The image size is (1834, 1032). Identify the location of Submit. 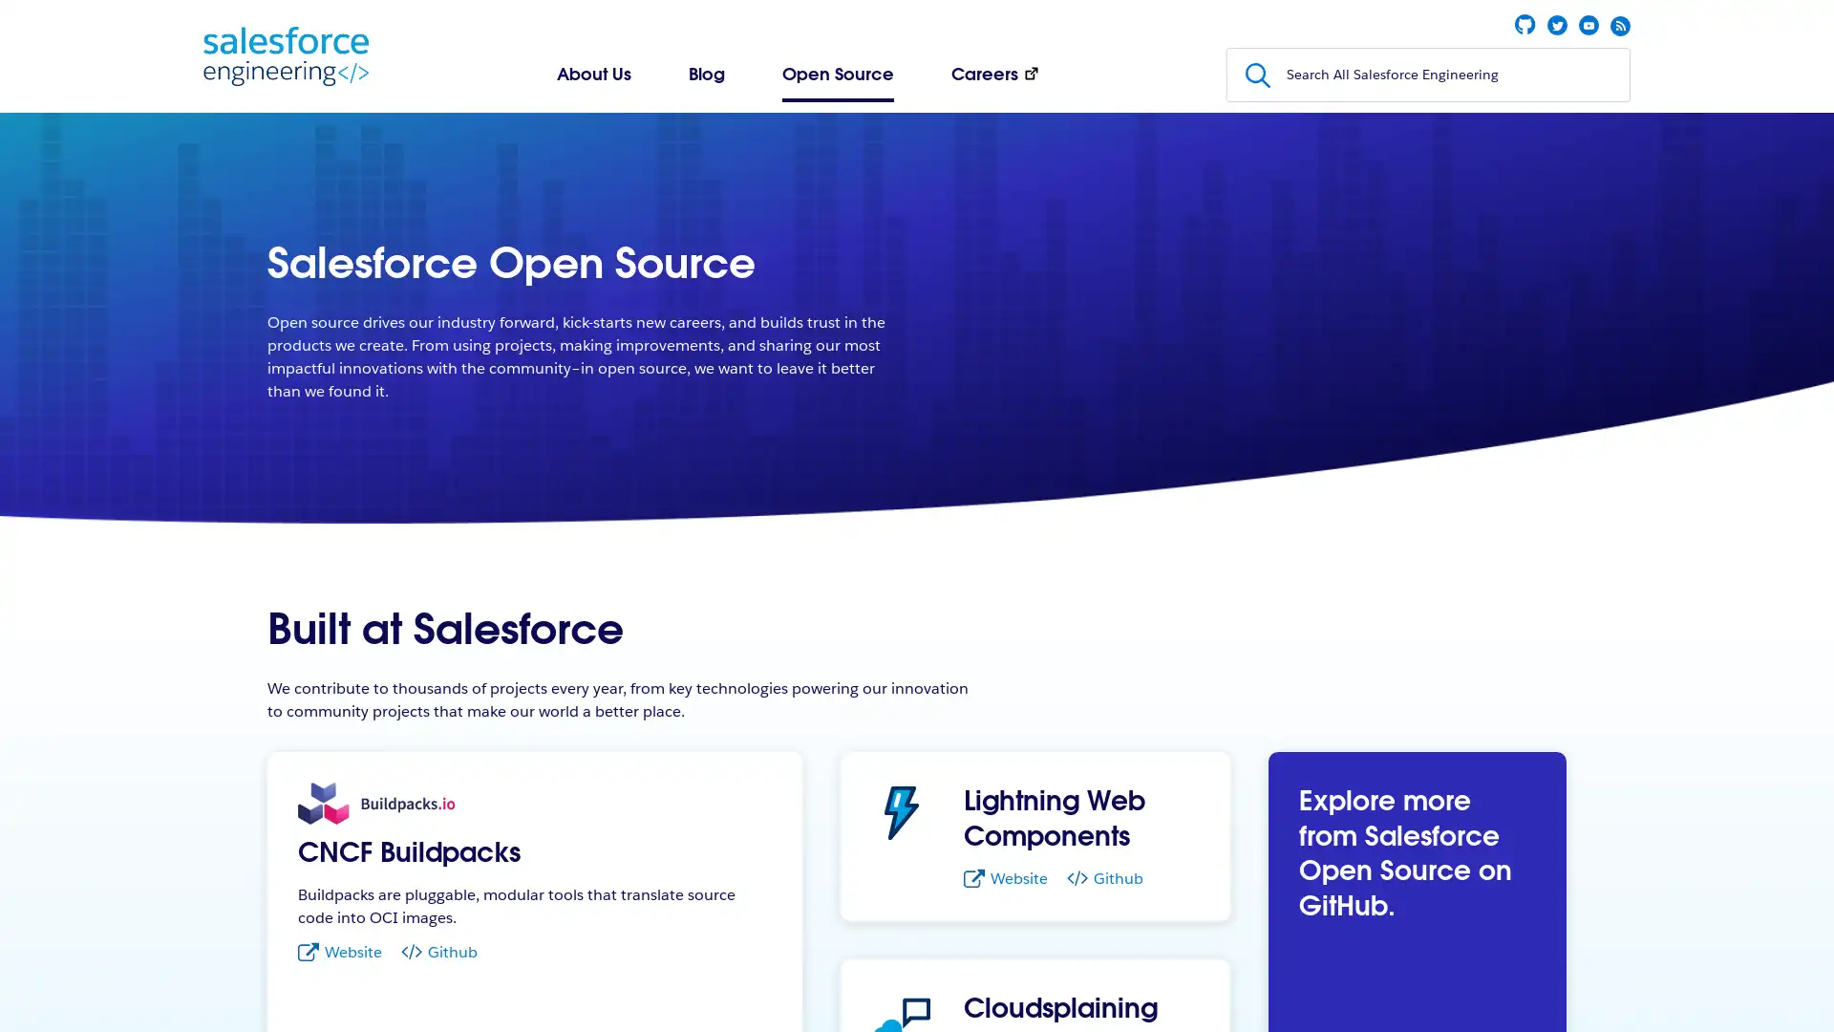
(1629, 46).